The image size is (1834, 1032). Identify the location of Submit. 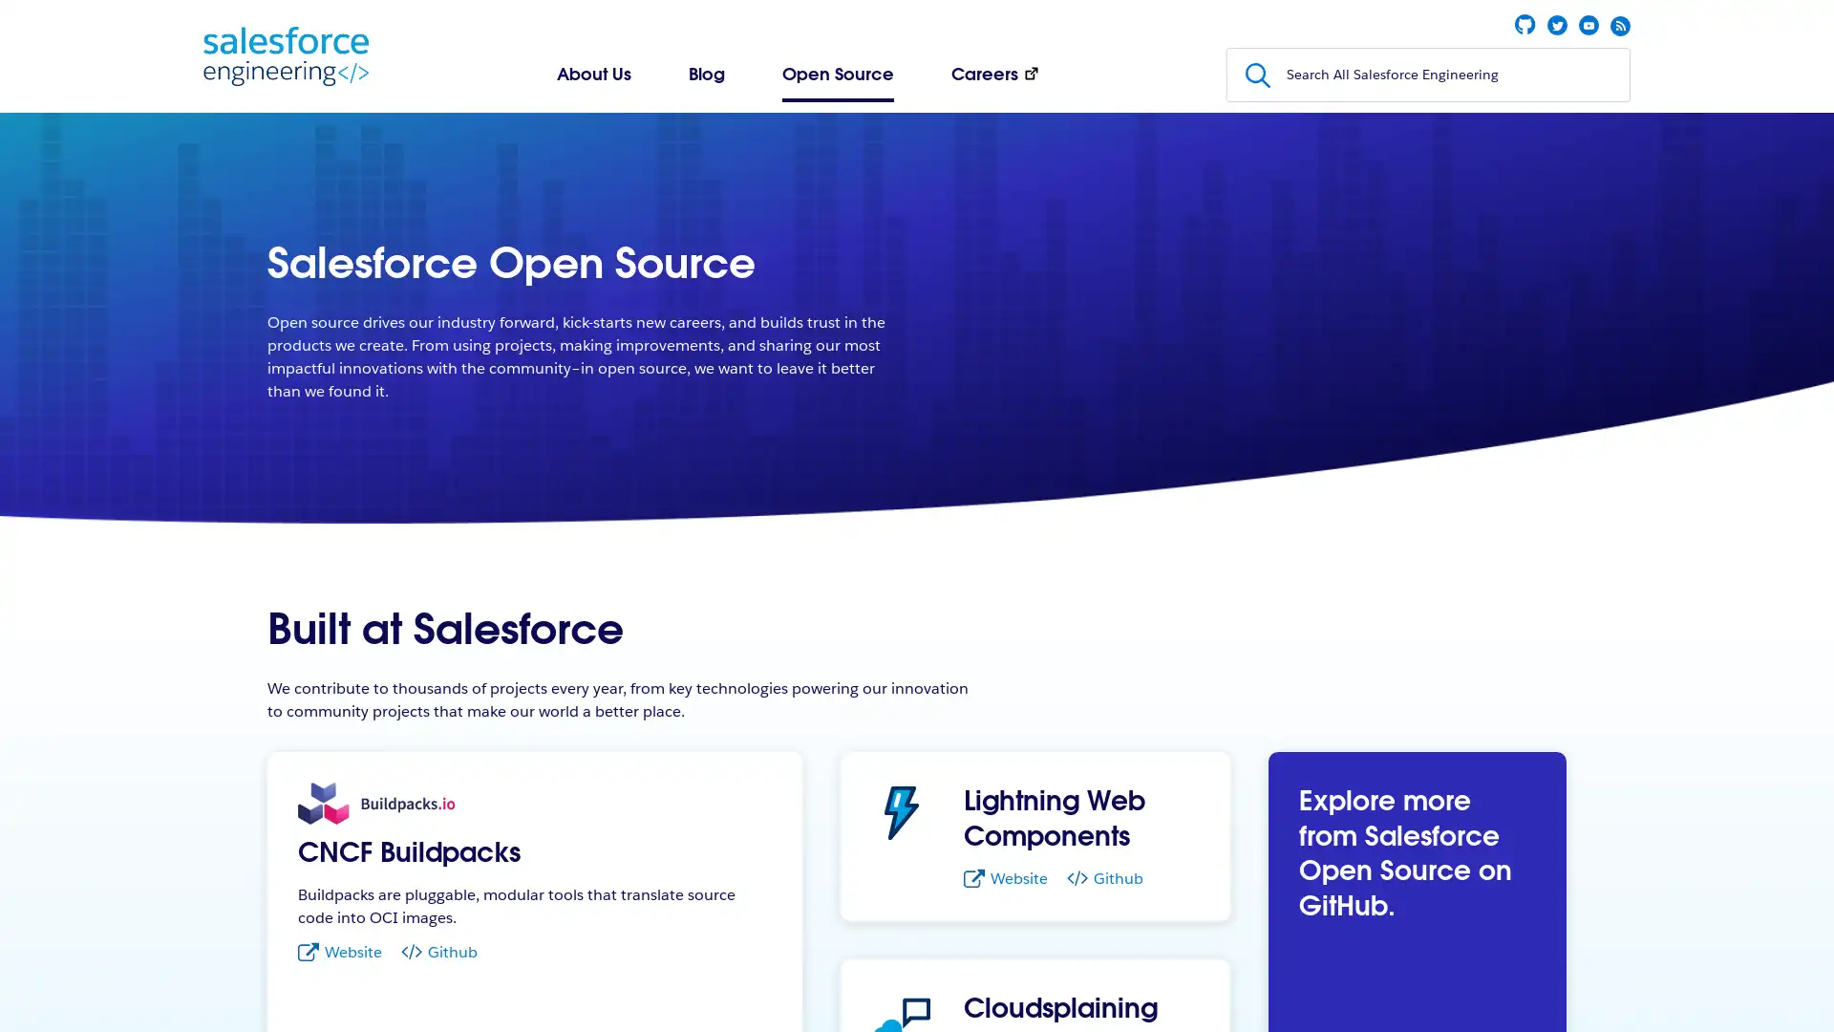
(1629, 46).